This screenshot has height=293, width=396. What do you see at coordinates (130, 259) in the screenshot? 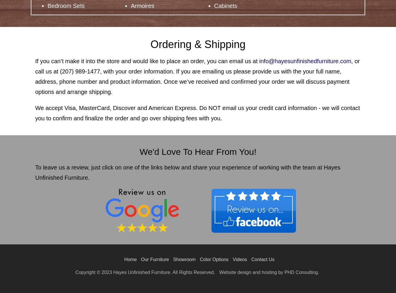
I see `'Home'` at bounding box center [130, 259].